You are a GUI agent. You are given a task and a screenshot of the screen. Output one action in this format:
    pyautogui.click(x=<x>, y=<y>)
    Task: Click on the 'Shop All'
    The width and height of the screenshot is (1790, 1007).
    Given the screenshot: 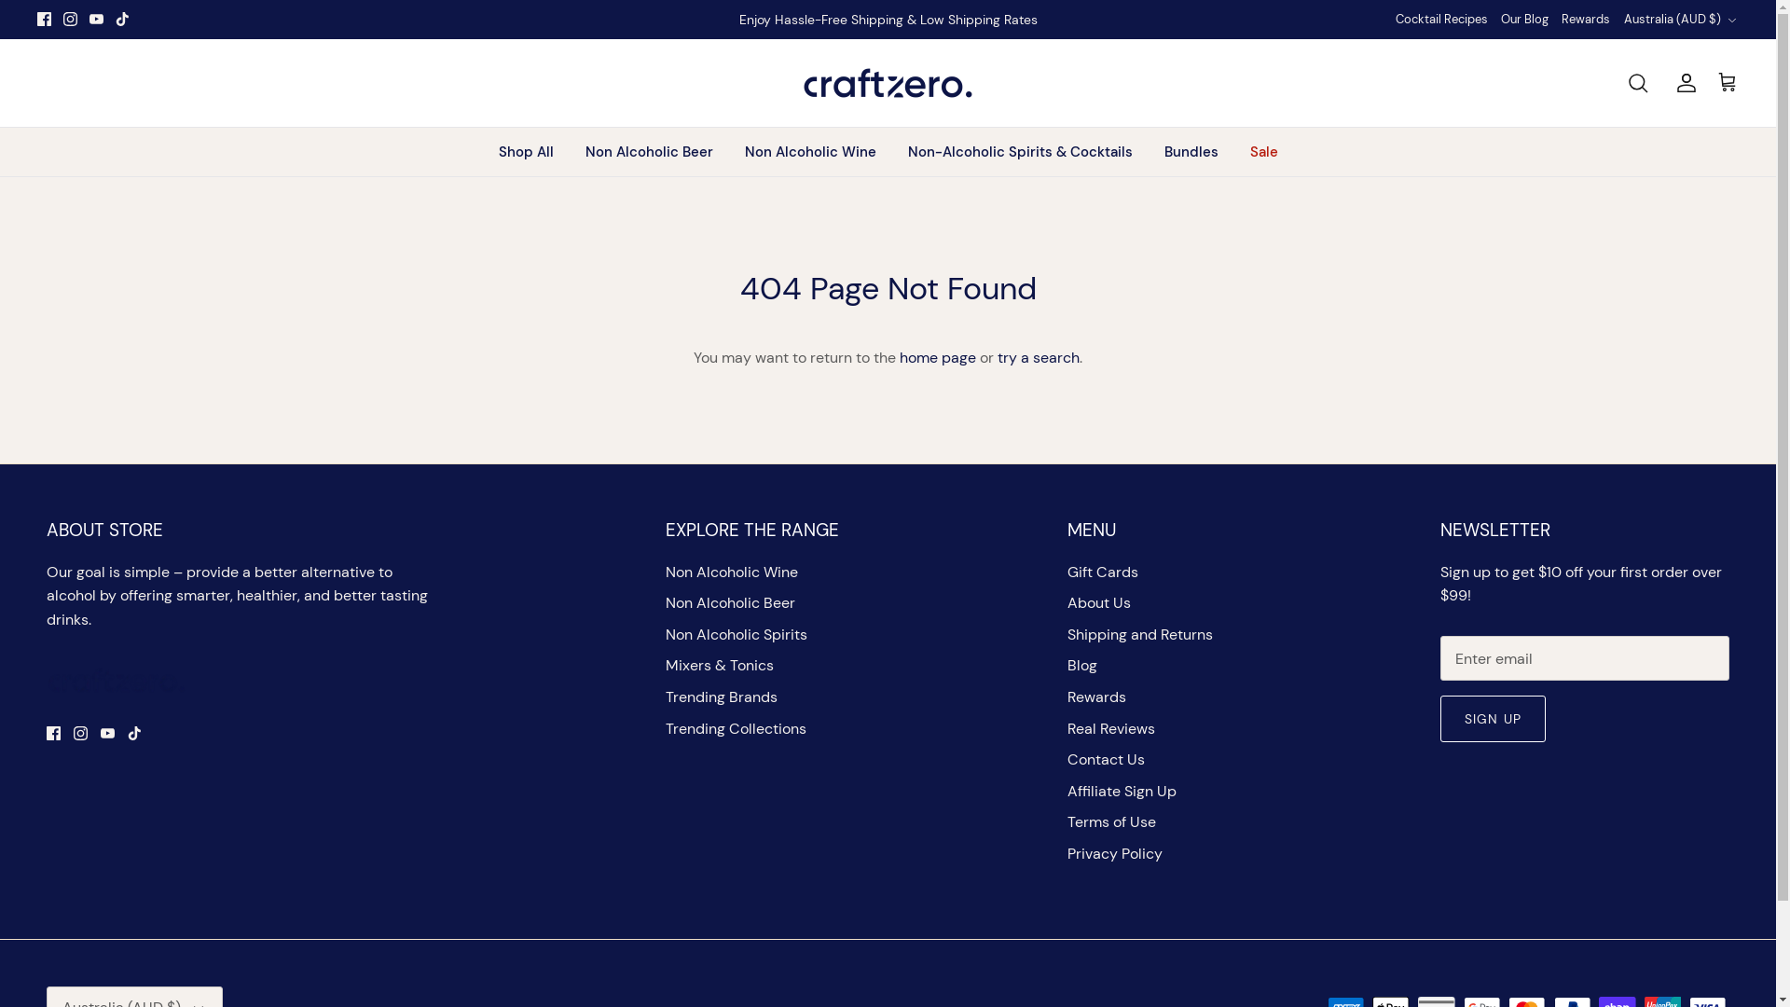 What is the action you would take?
    pyautogui.click(x=525, y=151)
    